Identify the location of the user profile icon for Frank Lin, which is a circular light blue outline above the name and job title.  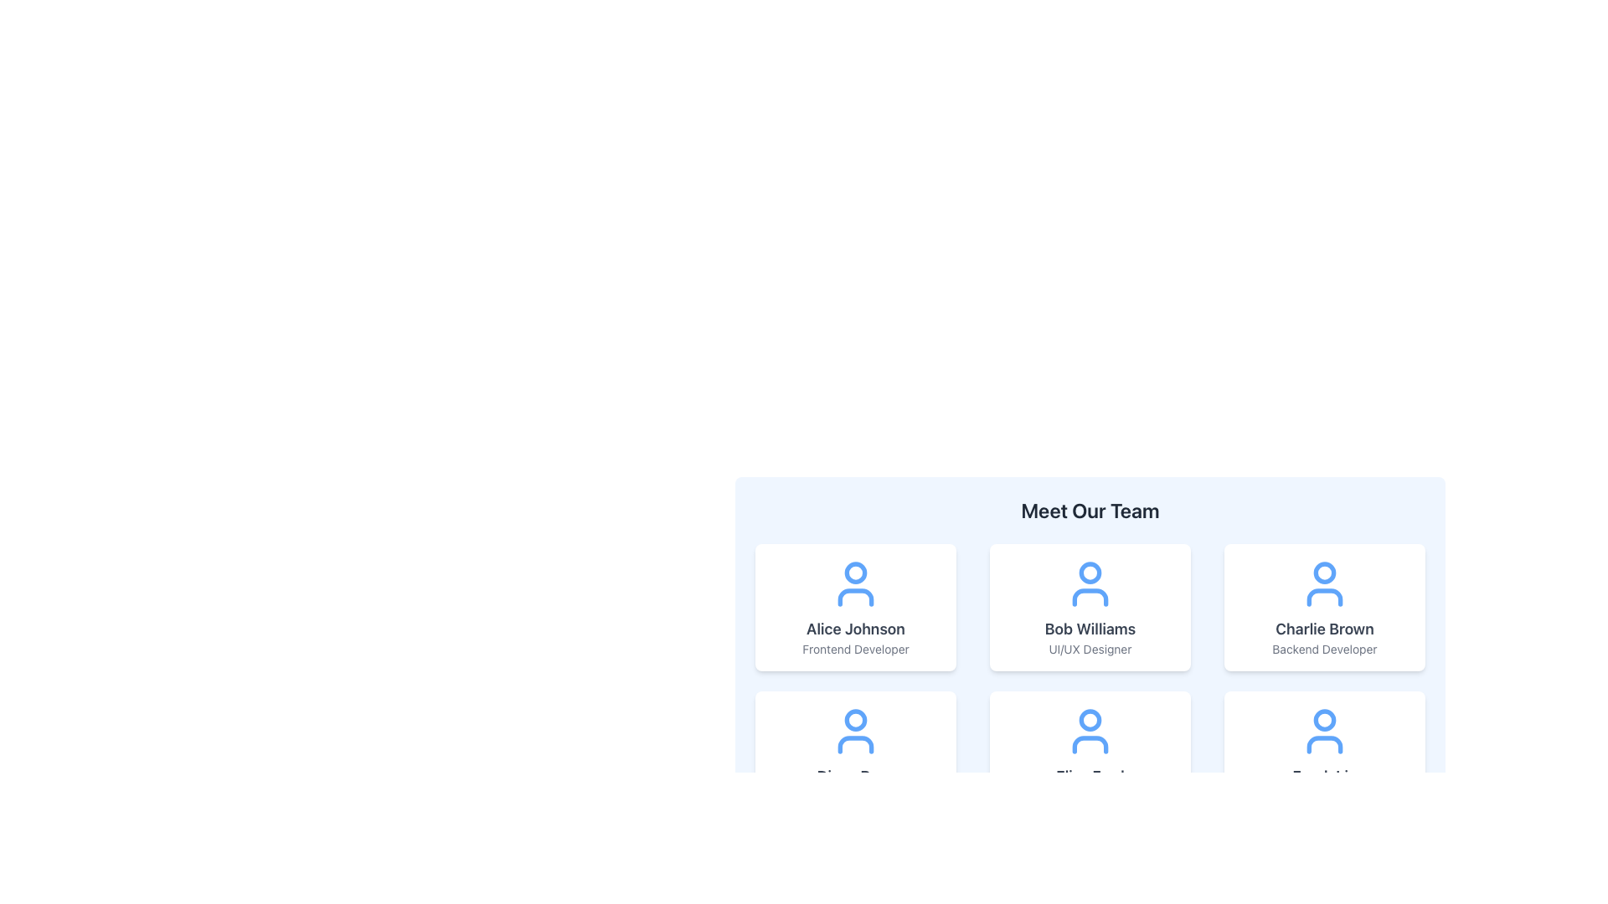
(1324, 731).